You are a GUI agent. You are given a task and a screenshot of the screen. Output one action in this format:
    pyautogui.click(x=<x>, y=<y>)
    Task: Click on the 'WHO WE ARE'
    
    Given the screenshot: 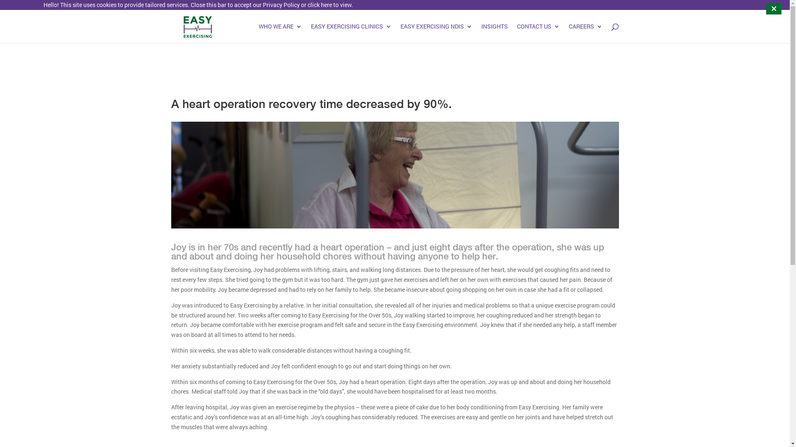 What is the action you would take?
    pyautogui.click(x=280, y=33)
    